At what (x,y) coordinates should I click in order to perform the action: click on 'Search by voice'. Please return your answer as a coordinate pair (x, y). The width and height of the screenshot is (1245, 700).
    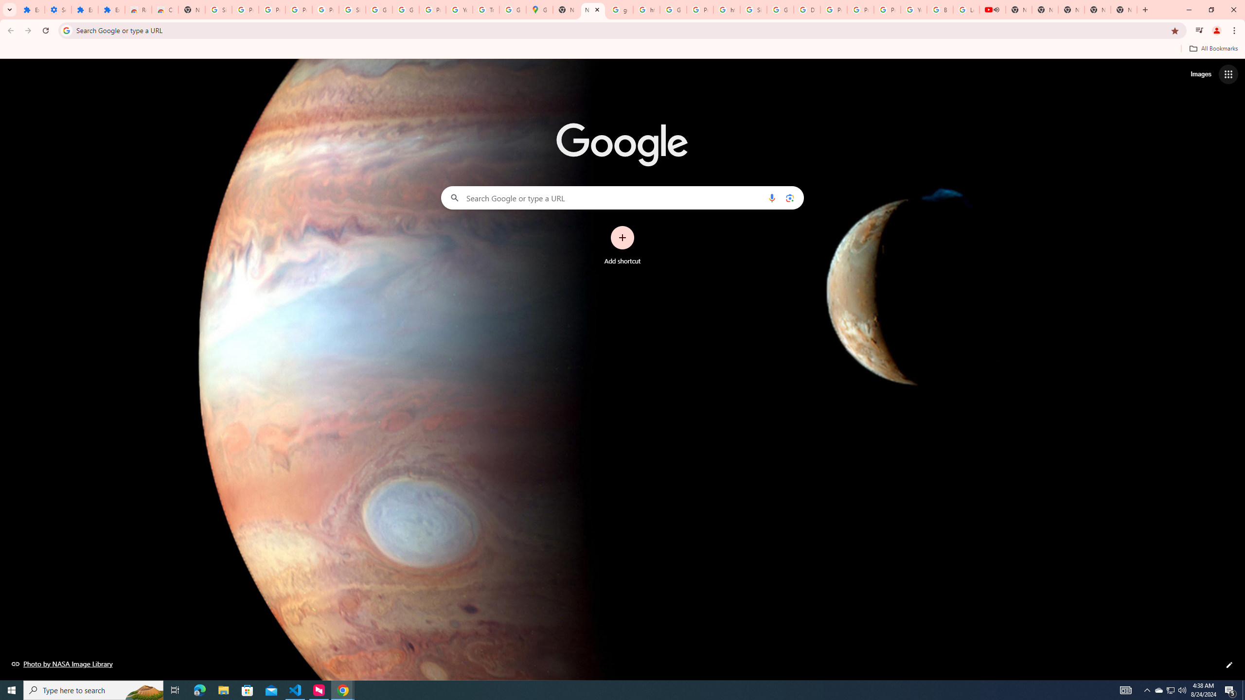
    Looking at the image, I should click on (771, 197).